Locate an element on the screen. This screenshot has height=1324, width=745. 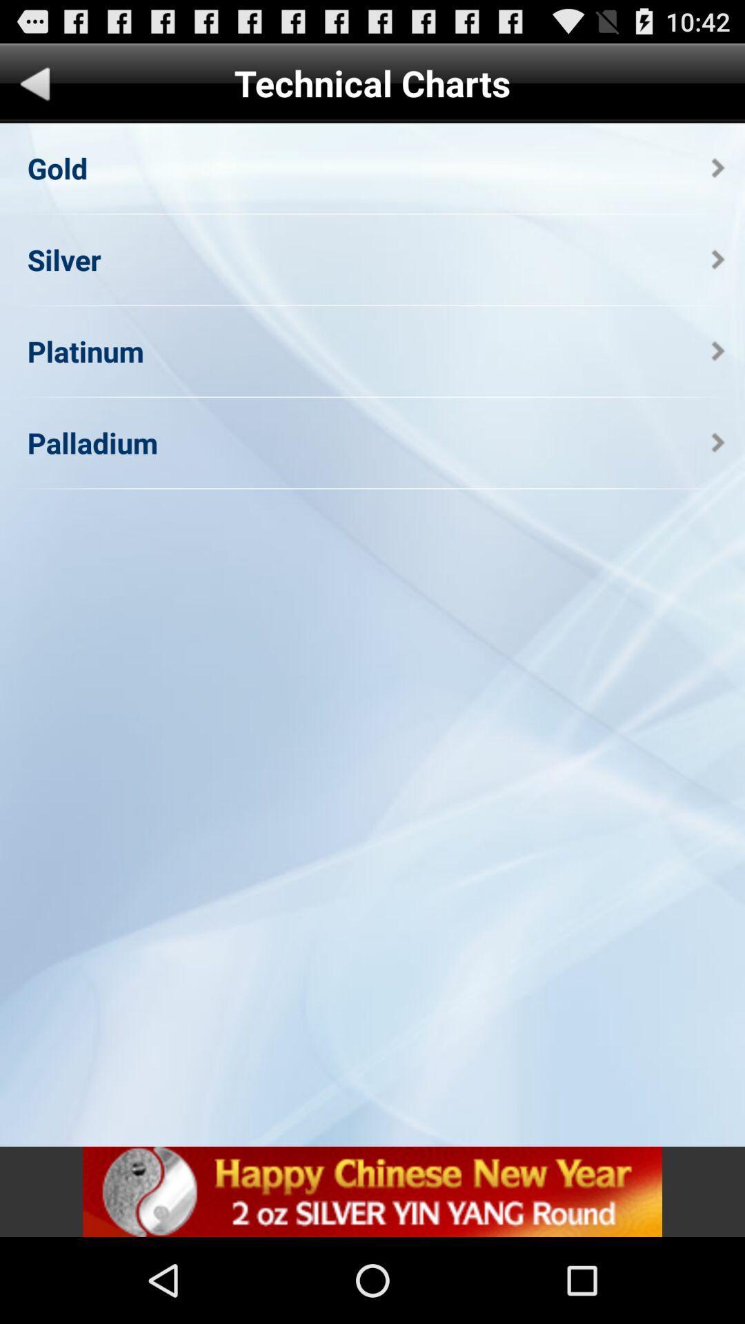
previous is located at coordinates (34, 86).